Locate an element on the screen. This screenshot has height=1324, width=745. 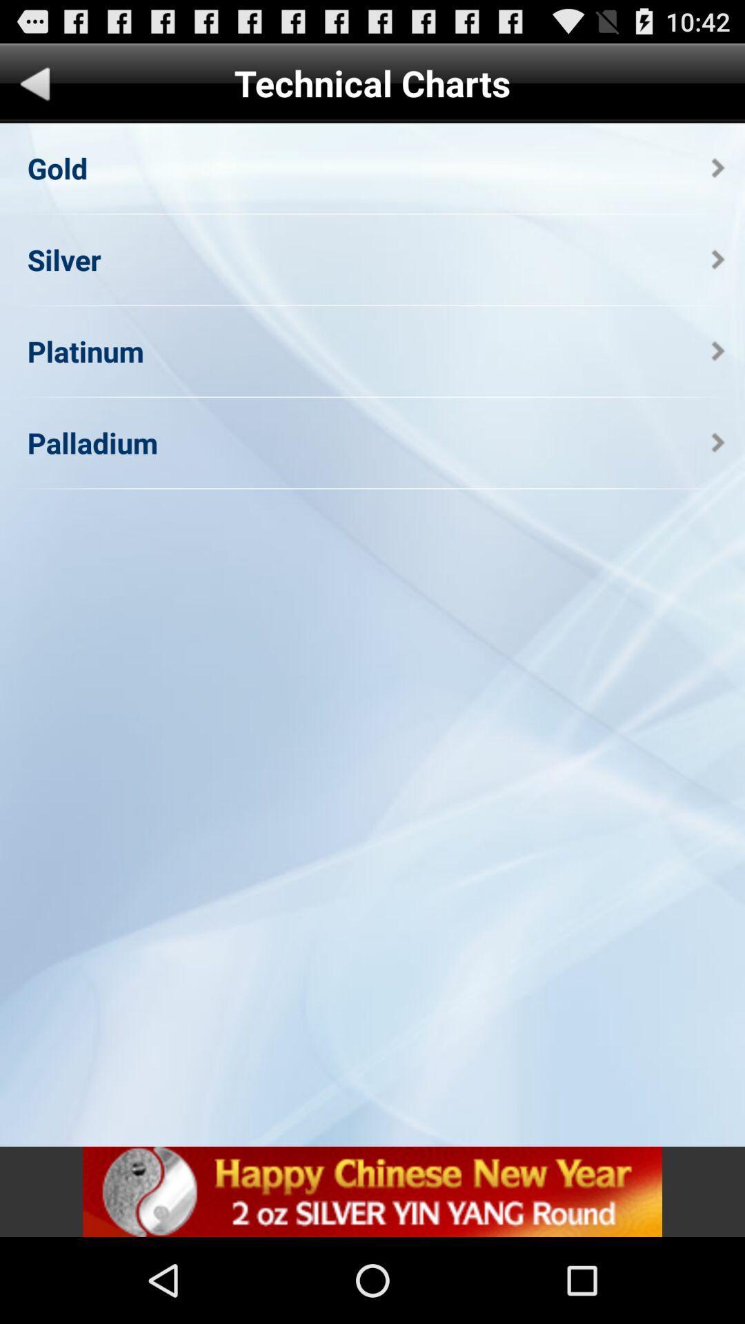
previous is located at coordinates (34, 86).